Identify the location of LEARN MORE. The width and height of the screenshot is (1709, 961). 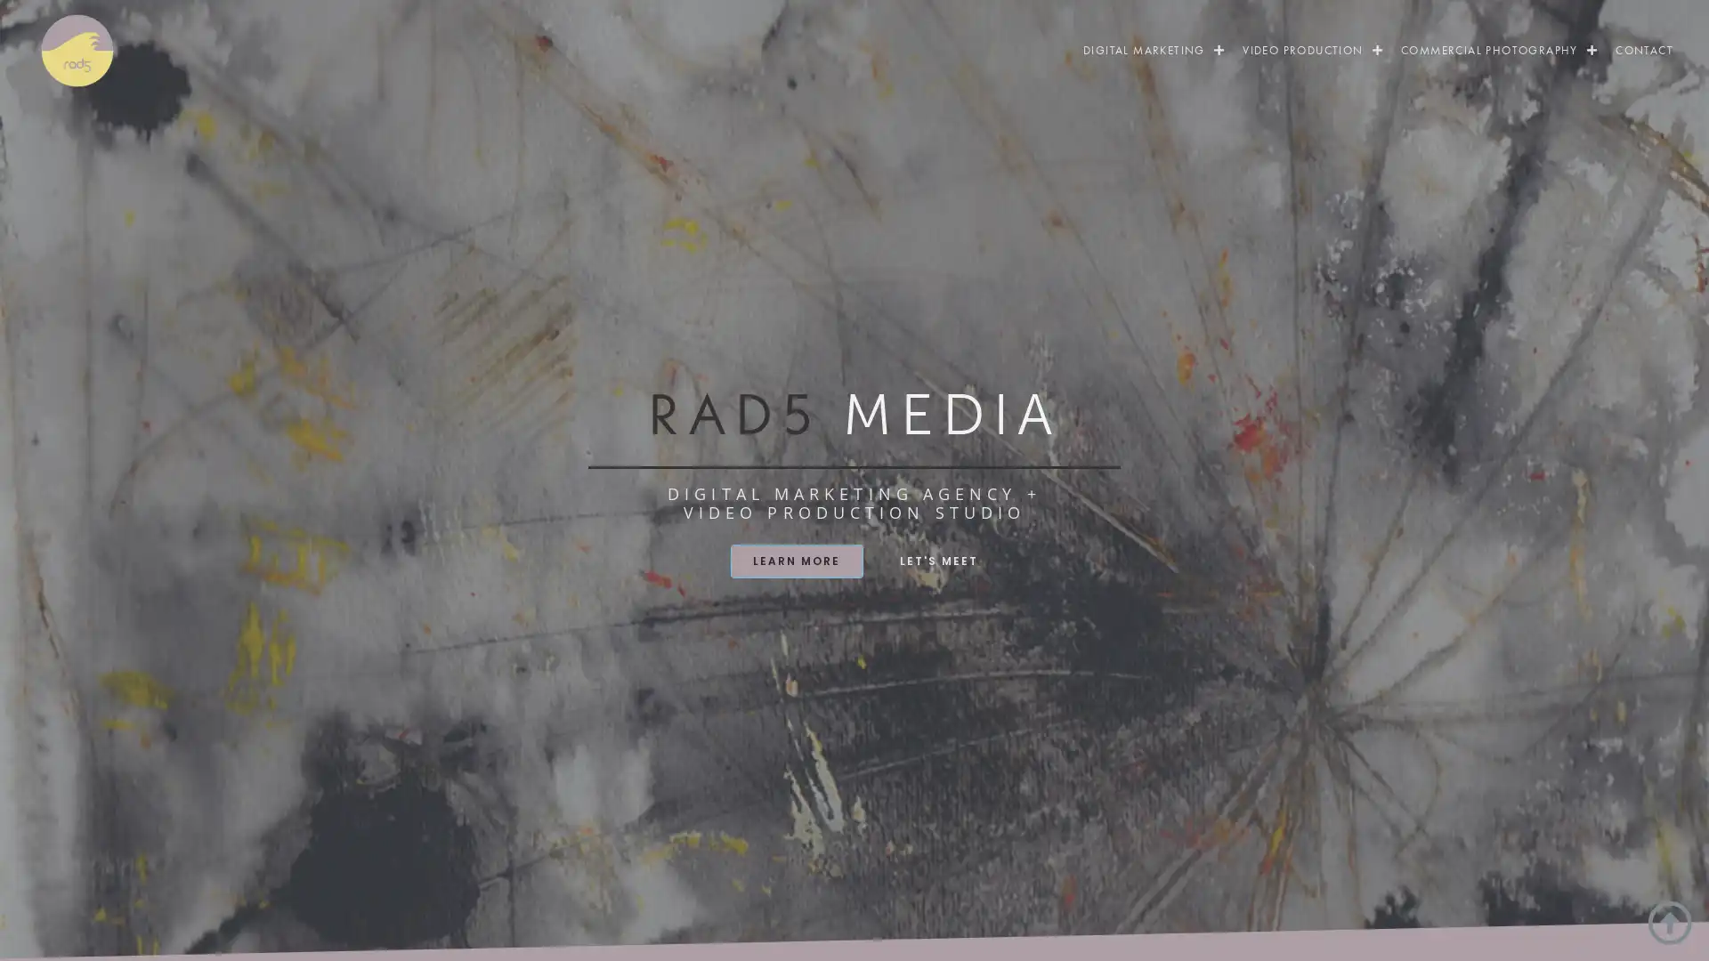
(795, 559).